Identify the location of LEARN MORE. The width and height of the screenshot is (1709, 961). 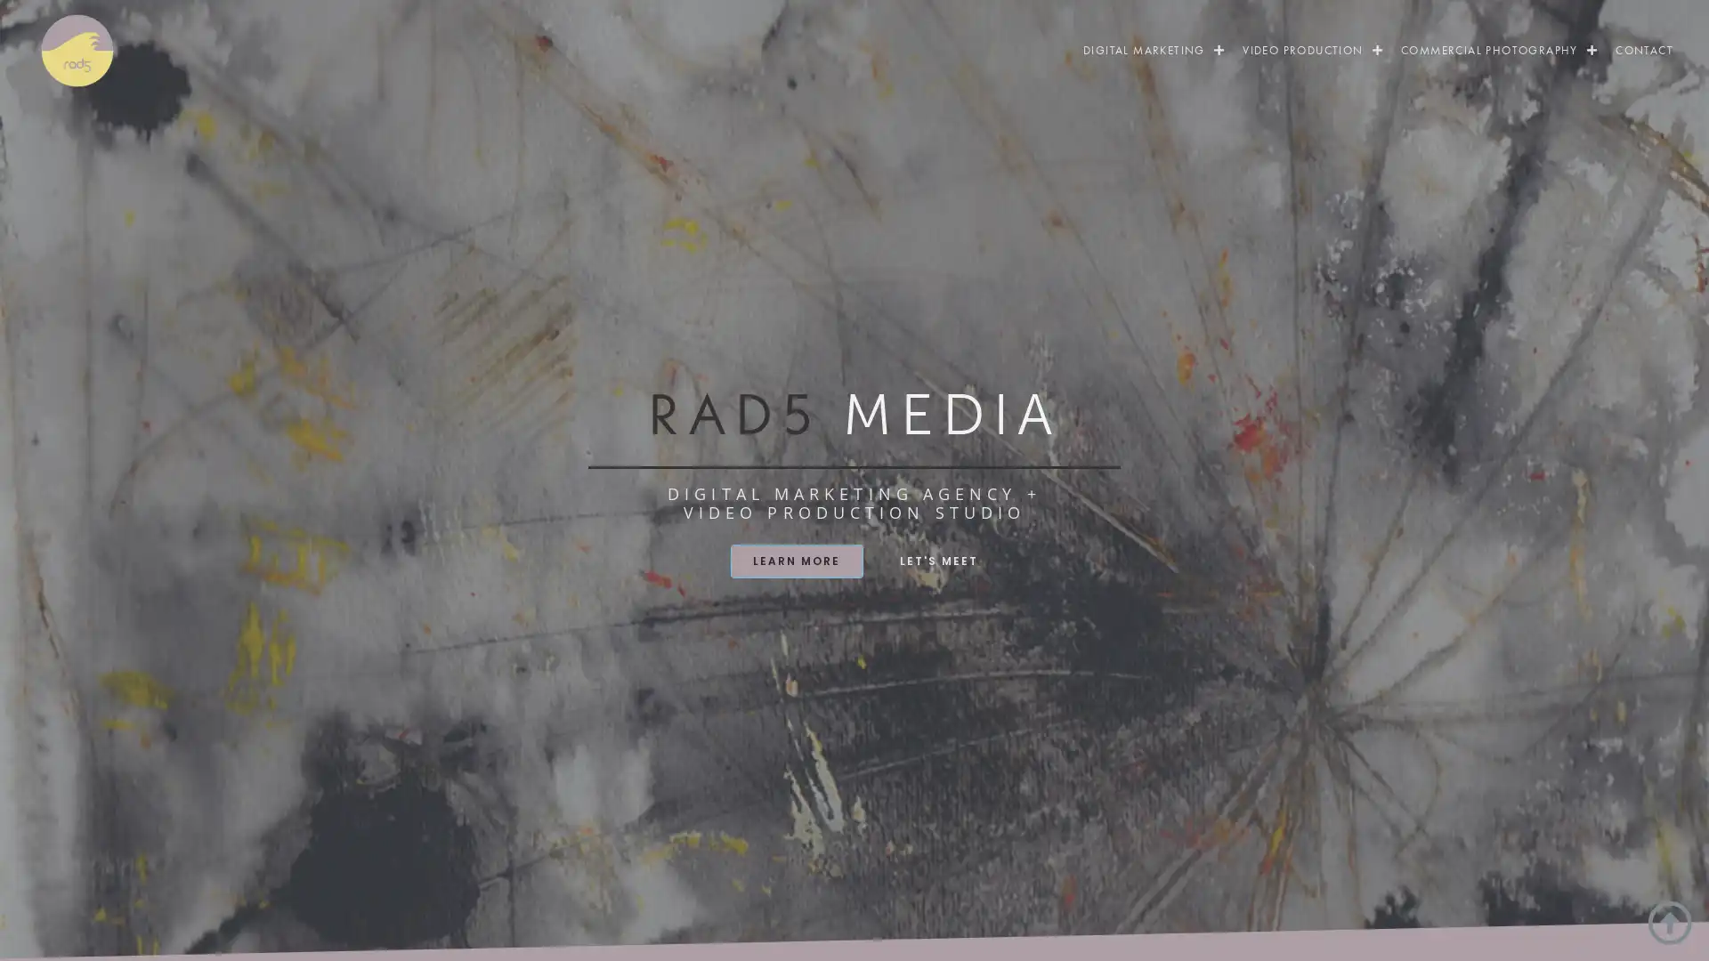
(795, 559).